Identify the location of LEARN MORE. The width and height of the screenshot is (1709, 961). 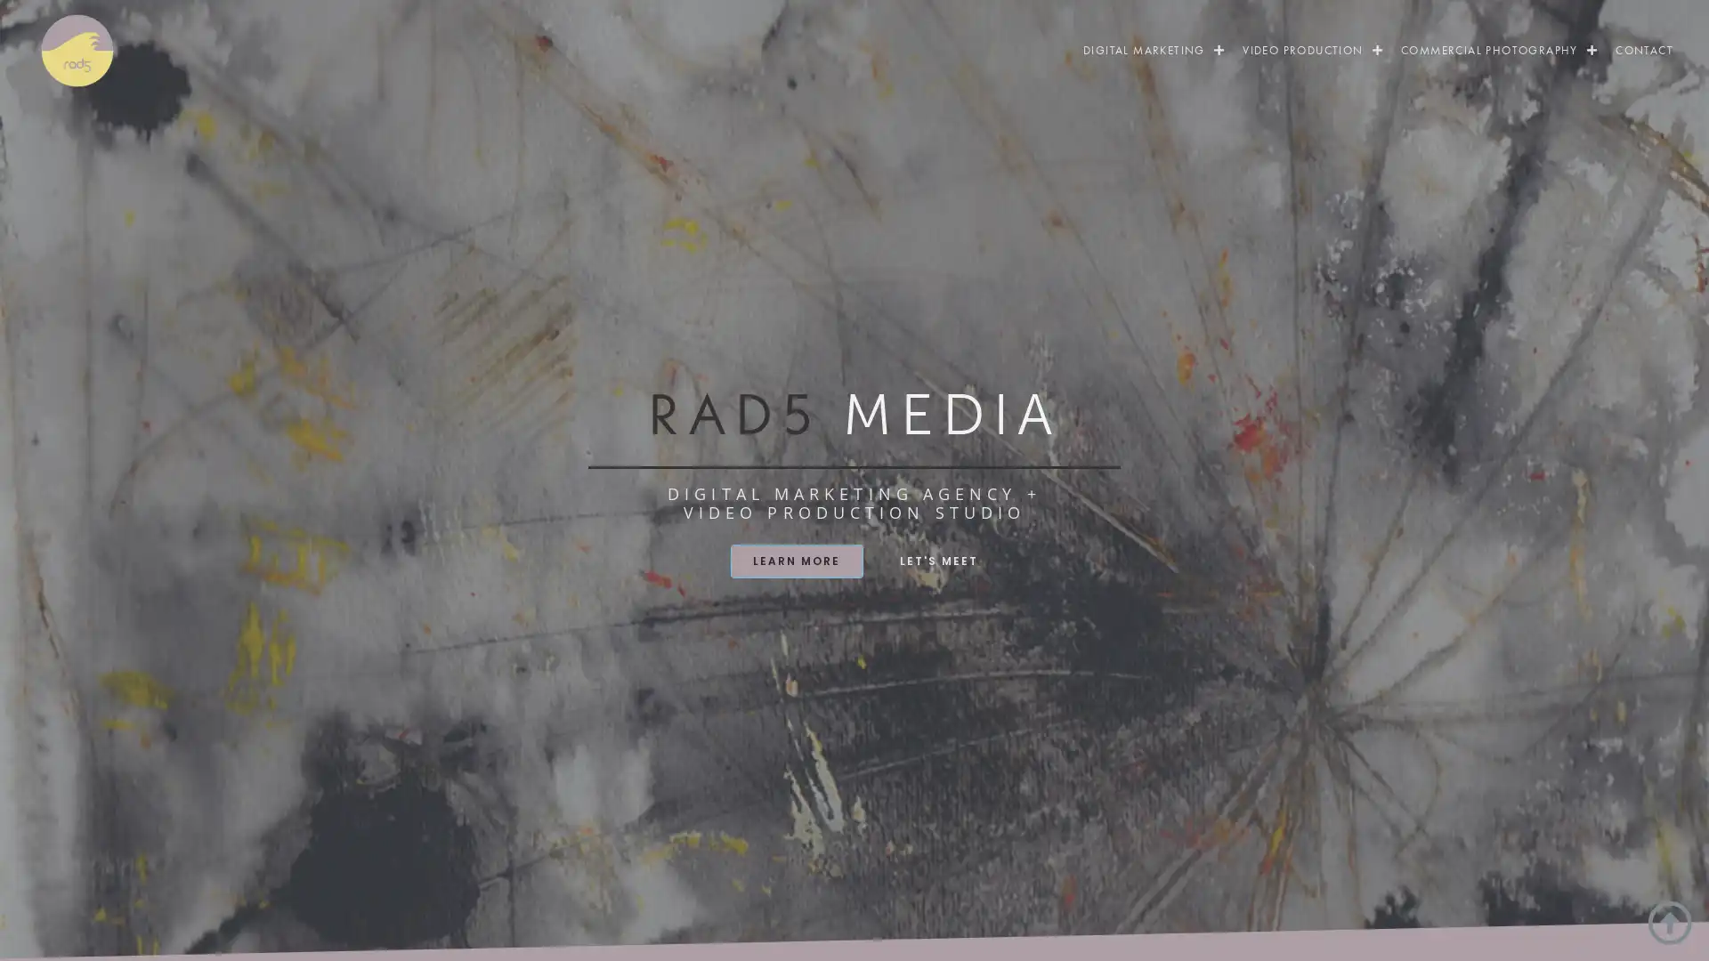
(795, 559).